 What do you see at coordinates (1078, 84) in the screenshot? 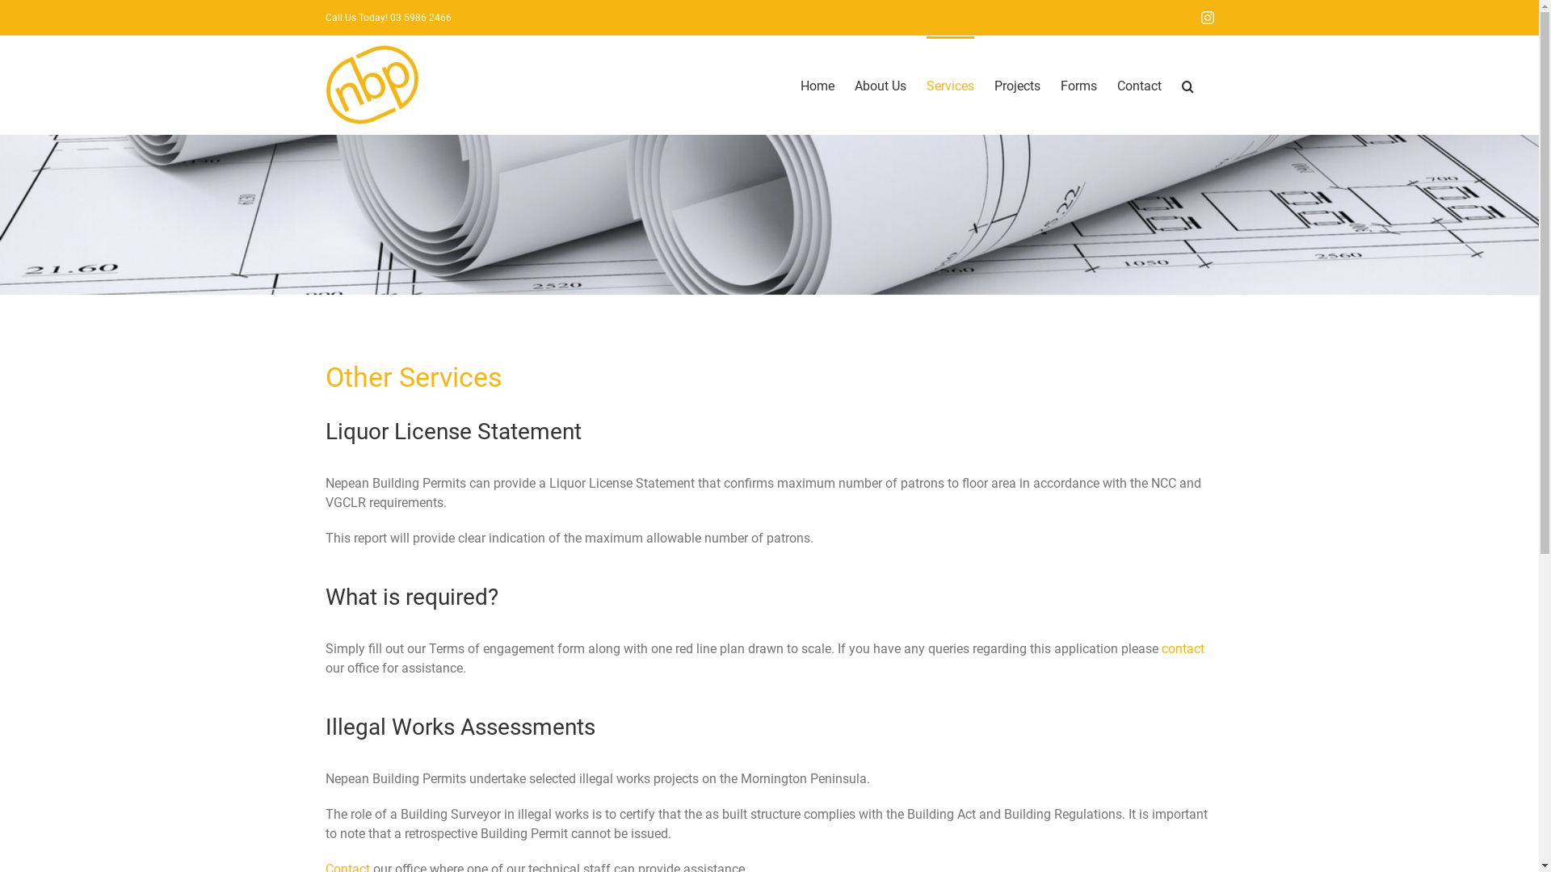
I see `'Forms'` at bounding box center [1078, 84].